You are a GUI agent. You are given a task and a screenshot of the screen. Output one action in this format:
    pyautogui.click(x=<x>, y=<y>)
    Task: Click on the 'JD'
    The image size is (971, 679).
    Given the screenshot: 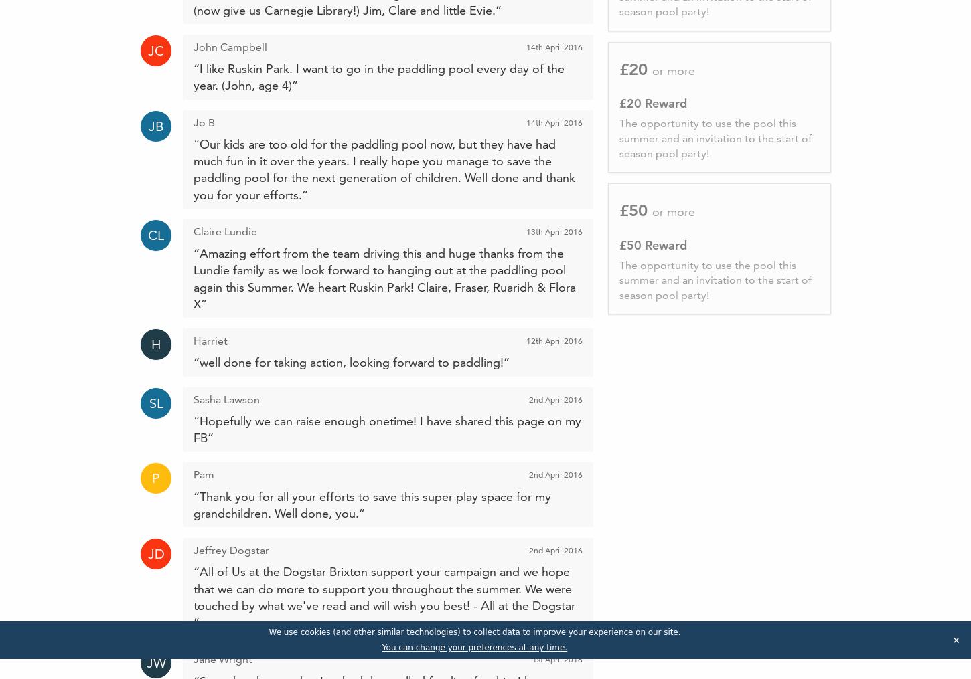 What is the action you would take?
    pyautogui.click(x=146, y=554)
    